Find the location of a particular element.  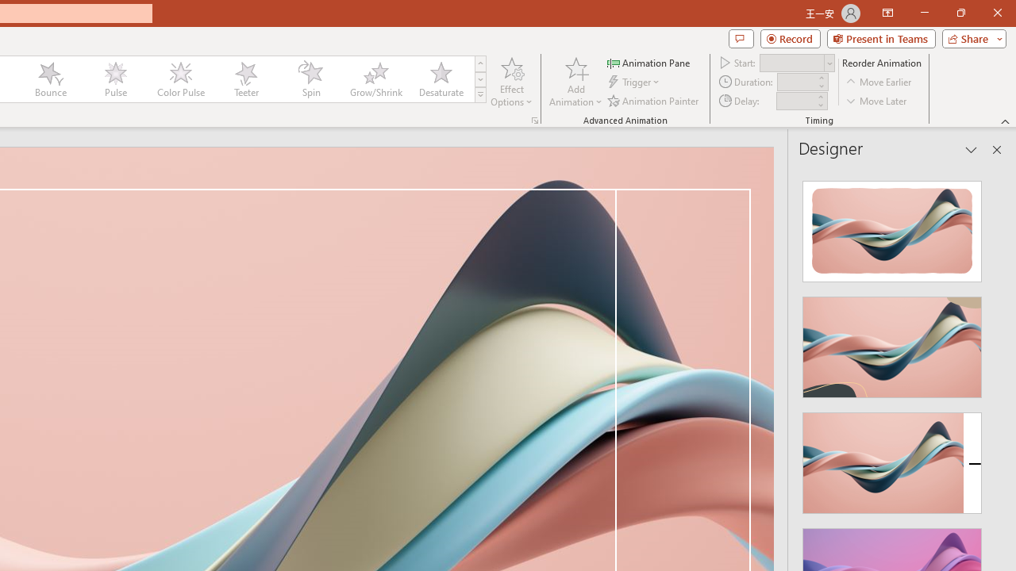

'Pulse' is located at coordinates (114, 79).